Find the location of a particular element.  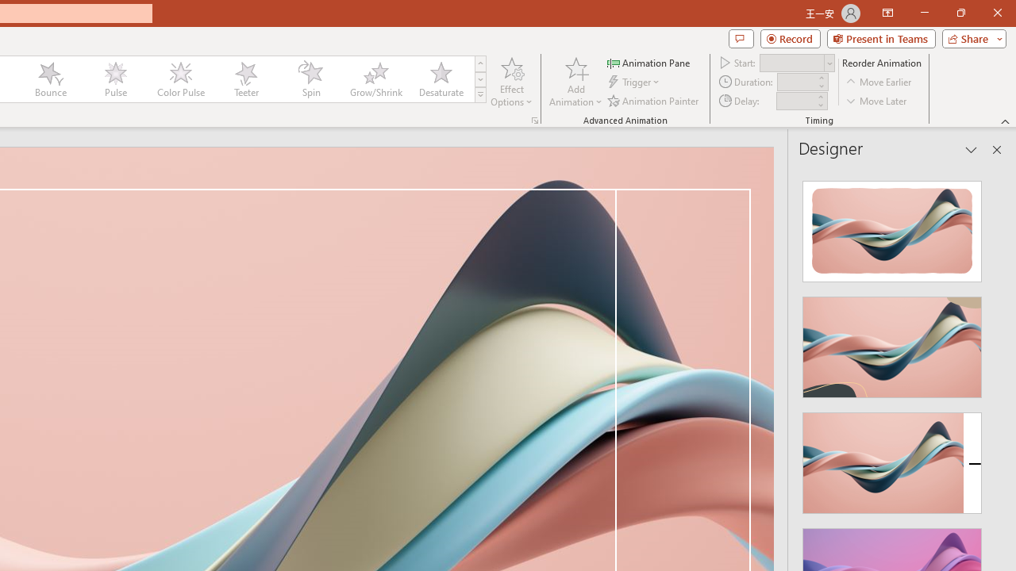

'Pulse' is located at coordinates (114, 79).